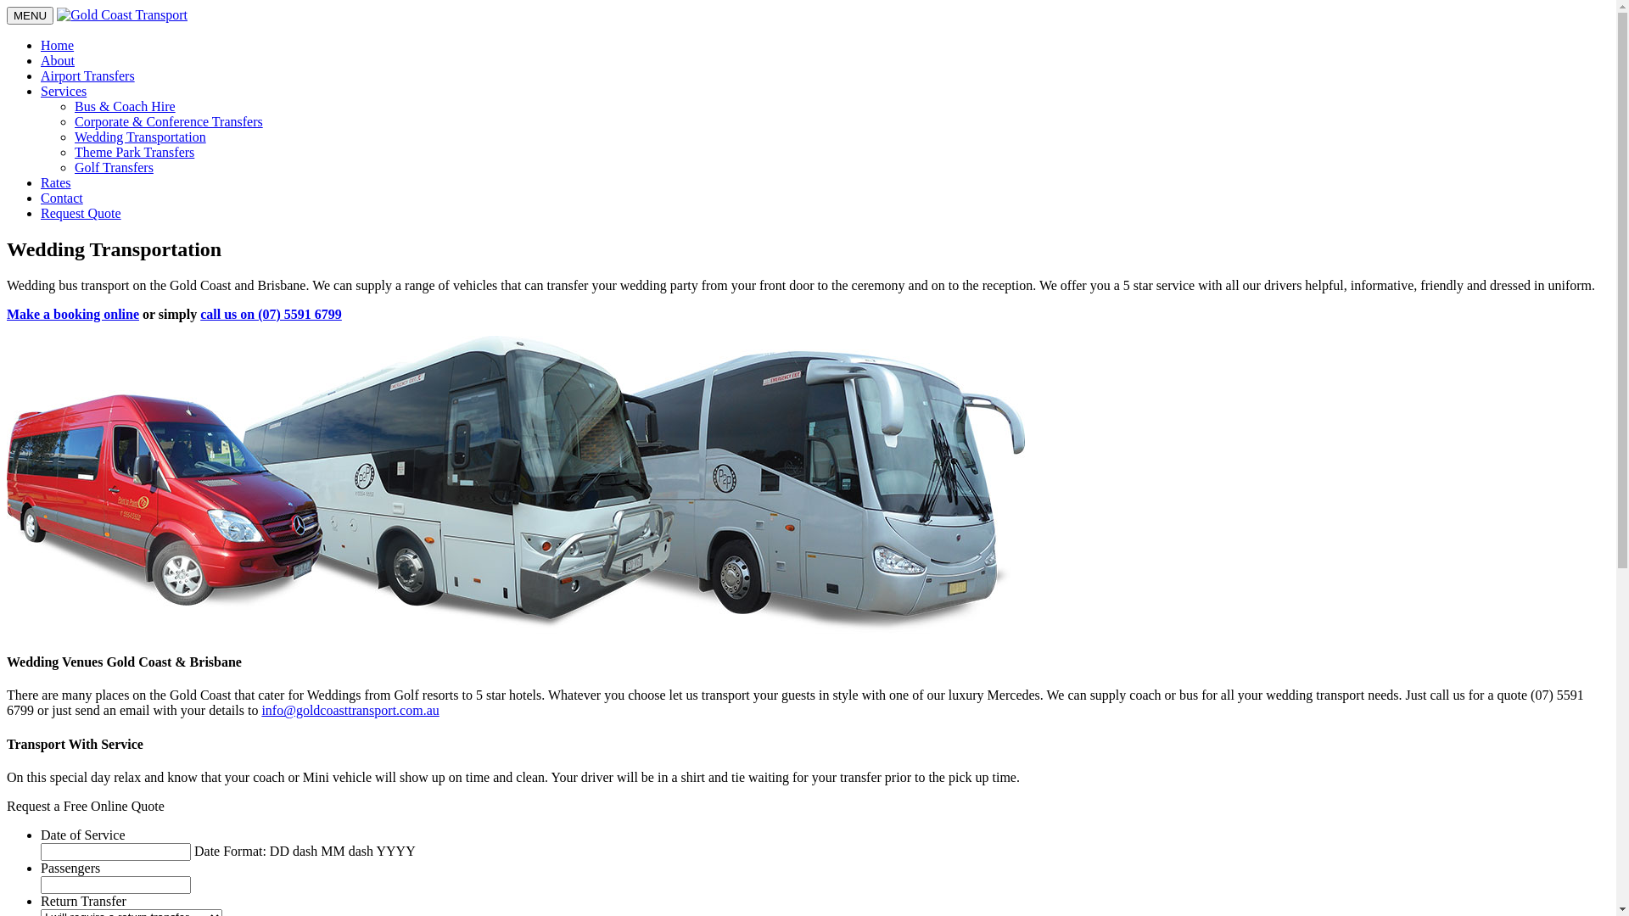  What do you see at coordinates (140, 136) in the screenshot?
I see `'Wedding Transportation'` at bounding box center [140, 136].